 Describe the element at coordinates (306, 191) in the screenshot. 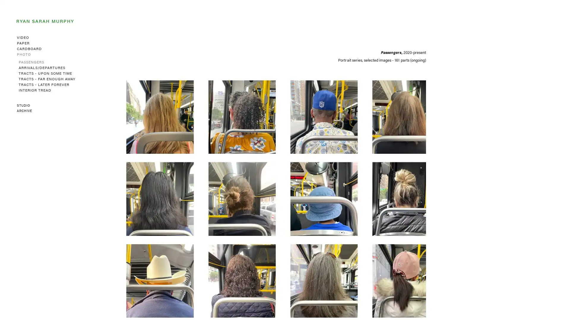

I see `View fullsize Passenger 155-.jpeg` at that location.